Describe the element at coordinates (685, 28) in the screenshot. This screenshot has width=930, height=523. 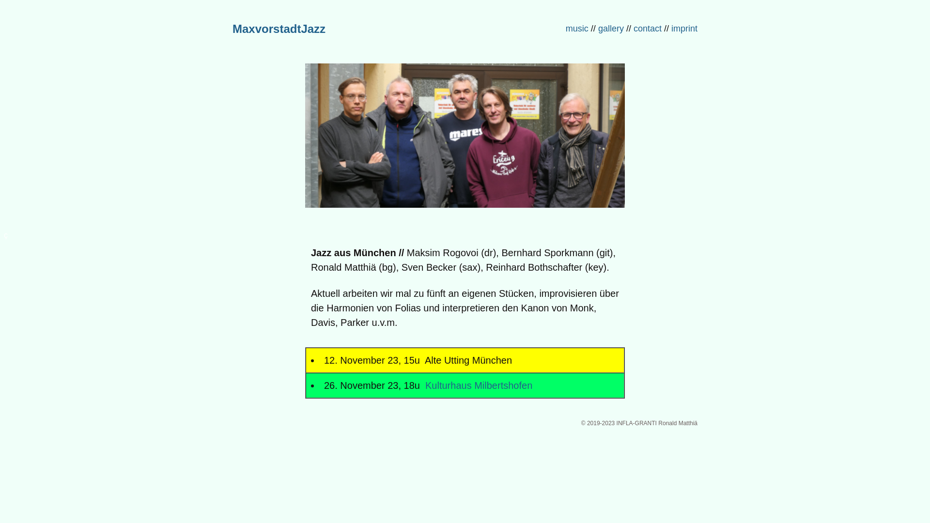
I see `'imprint '` at that location.